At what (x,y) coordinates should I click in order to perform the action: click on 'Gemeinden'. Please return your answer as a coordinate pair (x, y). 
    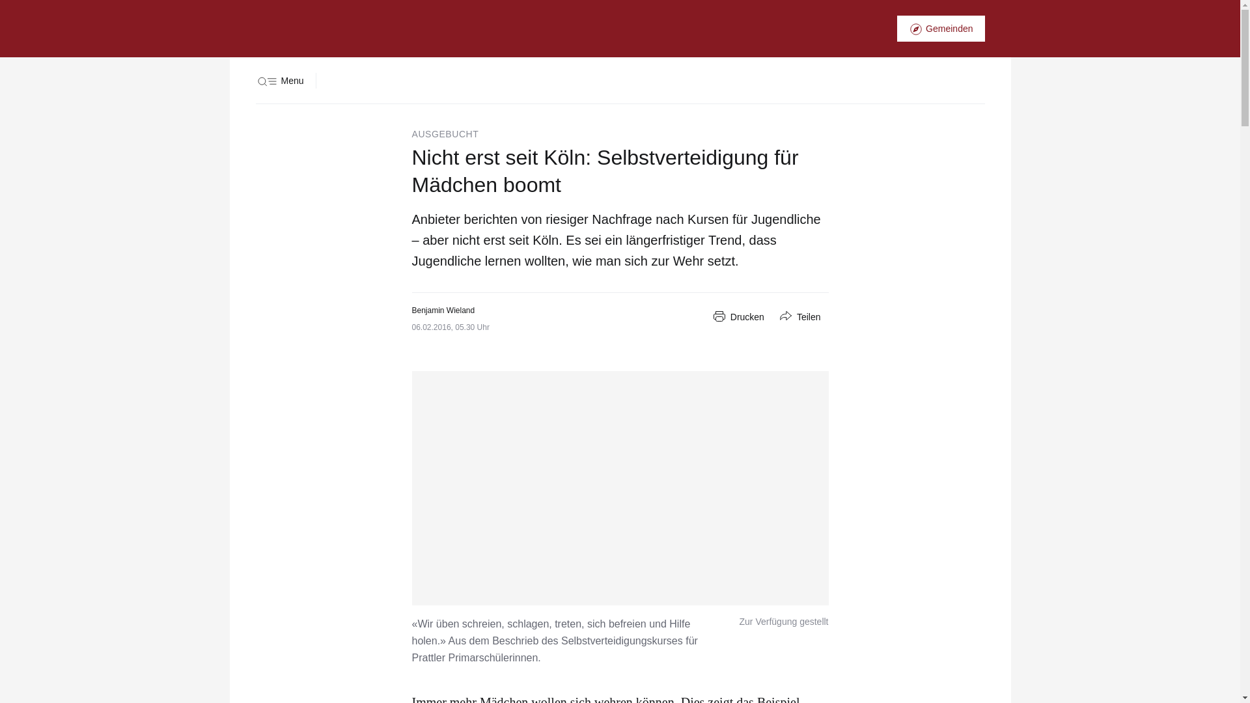
    Looking at the image, I should click on (940, 28).